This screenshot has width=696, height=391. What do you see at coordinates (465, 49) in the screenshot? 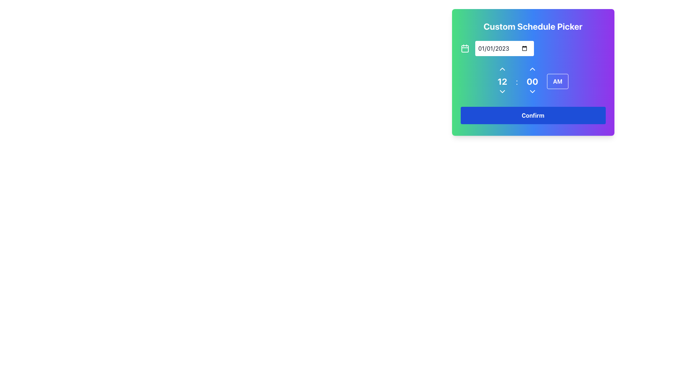
I see `the calendar icon, which is styled with a green background and white outline, located to the left of the date input field displaying '01/01/2023'` at bounding box center [465, 49].